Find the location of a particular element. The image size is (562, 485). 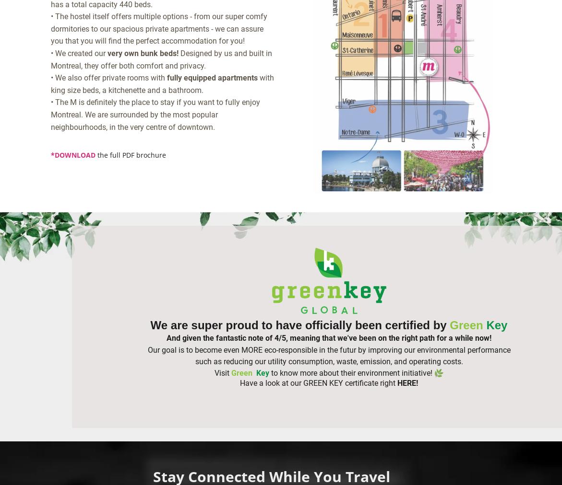

'HERE' is located at coordinates (406, 382).